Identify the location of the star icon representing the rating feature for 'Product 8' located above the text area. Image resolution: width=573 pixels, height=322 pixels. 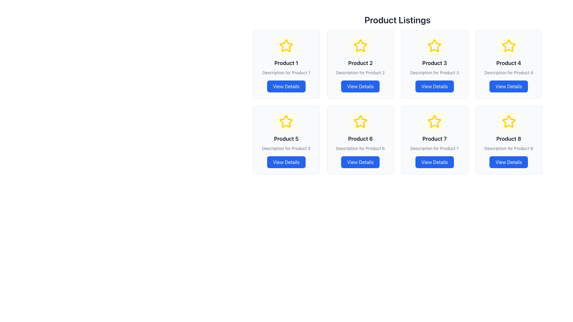
(508, 121).